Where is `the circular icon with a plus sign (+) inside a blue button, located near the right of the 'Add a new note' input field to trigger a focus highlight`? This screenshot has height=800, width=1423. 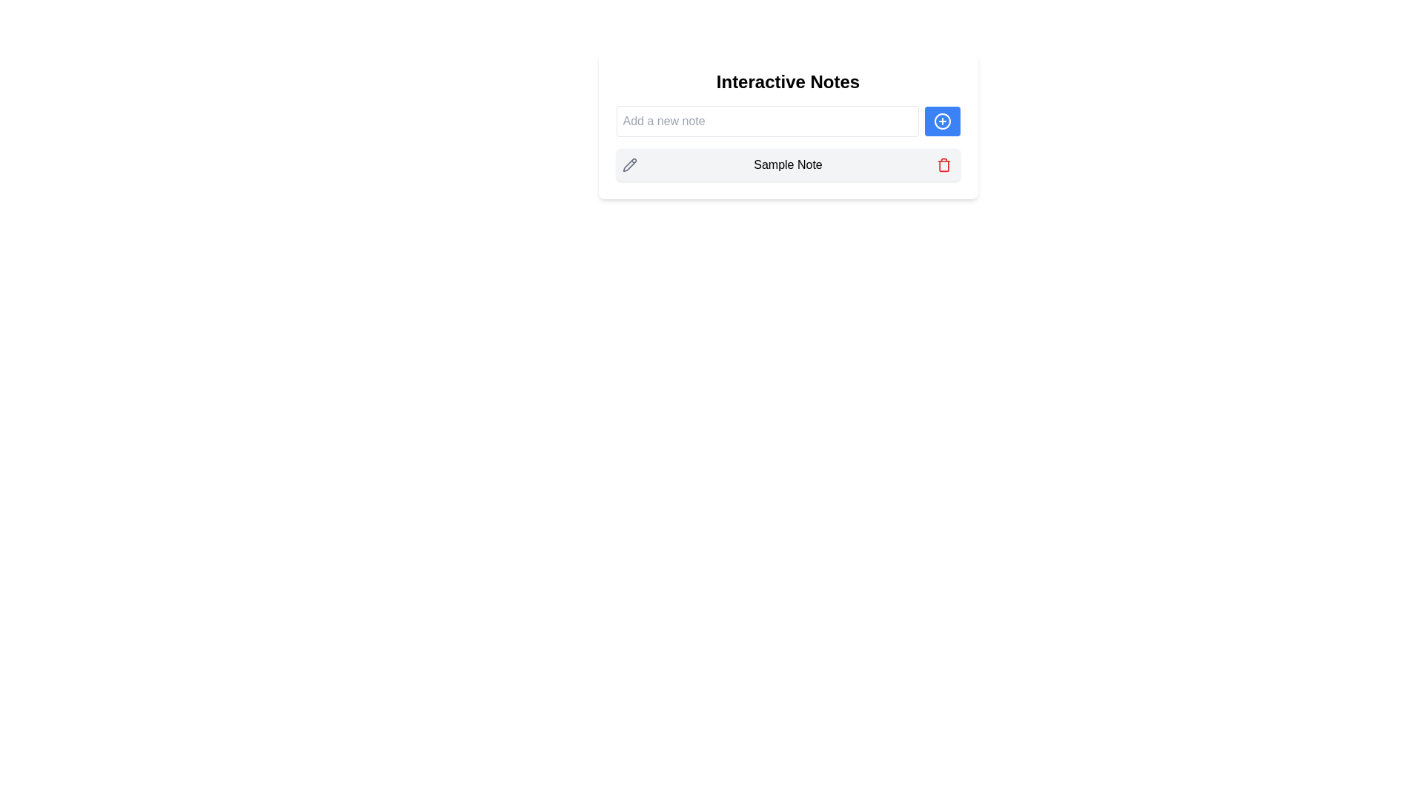 the circular icon with a plus sign (+) inside a blue button, located near the right of the 'Add a new note' input field to trigger a focus highlight is located at coordinates (941, 121).